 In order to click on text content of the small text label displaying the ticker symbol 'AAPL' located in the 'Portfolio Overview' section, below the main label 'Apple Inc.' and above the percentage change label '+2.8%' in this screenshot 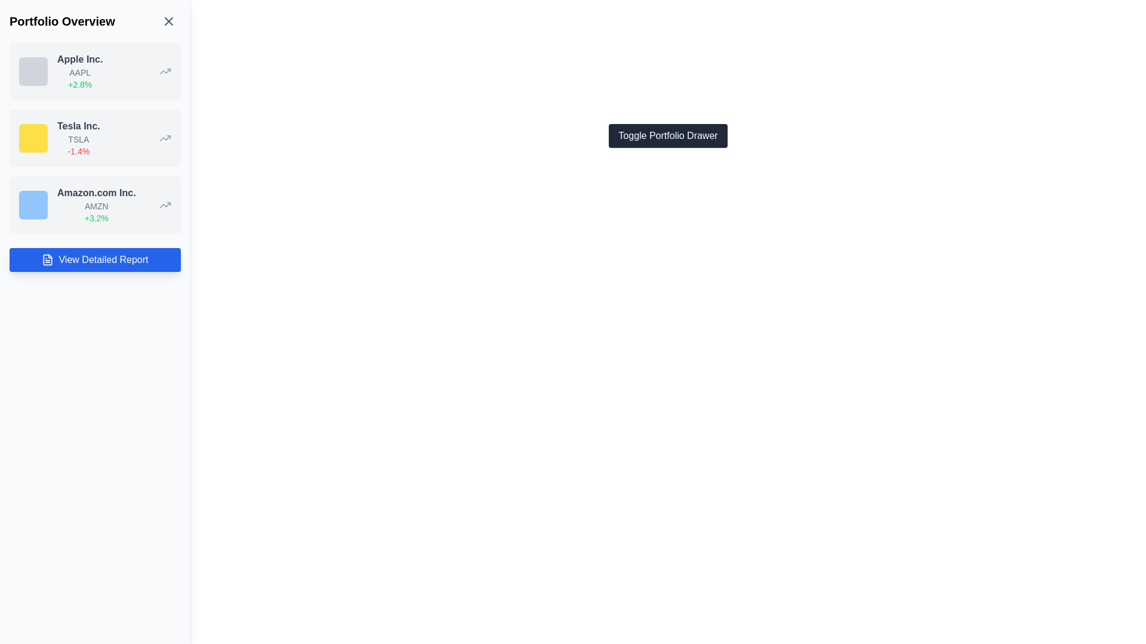, I will do `click(79, 73)`.